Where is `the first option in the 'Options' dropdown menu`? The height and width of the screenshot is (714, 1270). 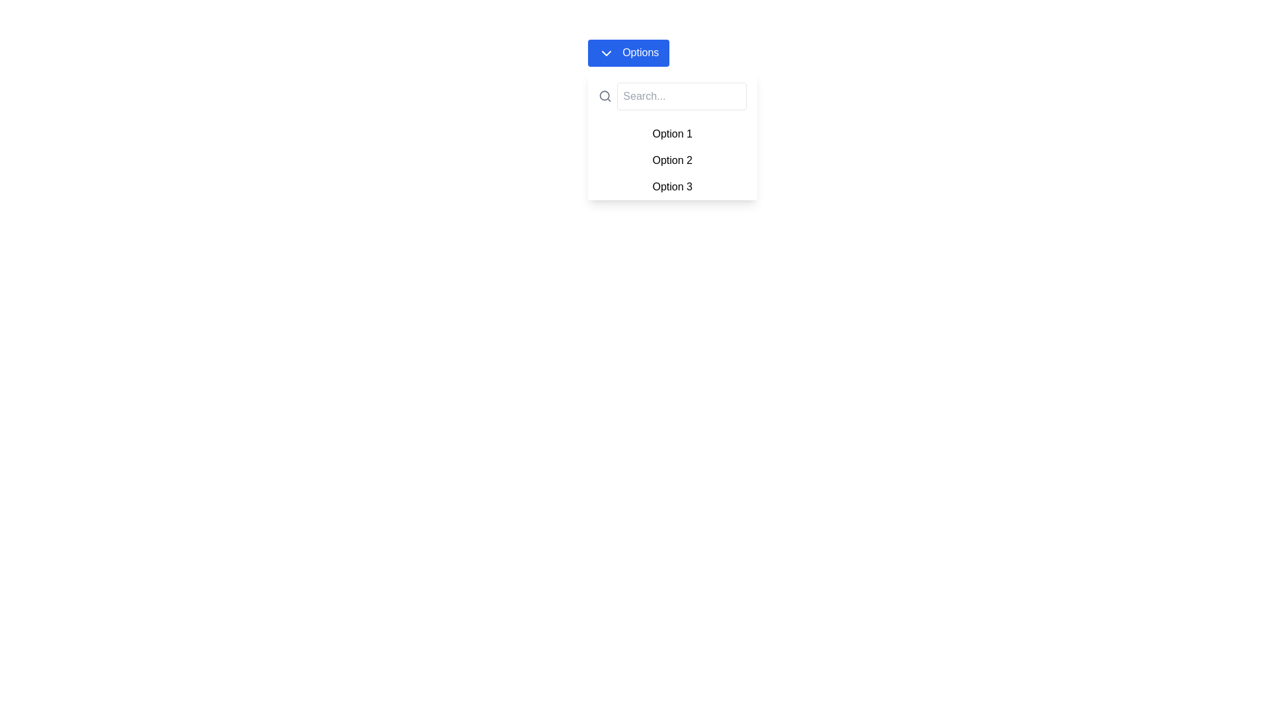
the first option in the 'Options' dropdown menu is located at coordinates (672, 134).